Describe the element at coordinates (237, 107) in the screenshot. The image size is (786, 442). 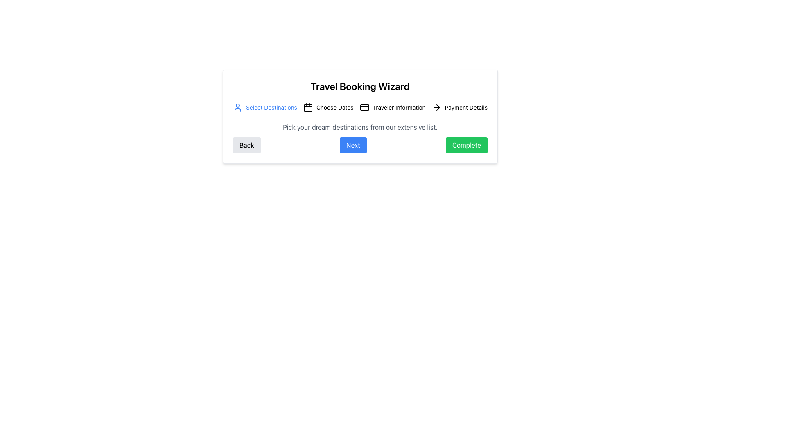
I see `the appearance of the icon resembling a person's silhouette, which is positioned to the left of the 'Select Destinations' hyperlink` at that location.